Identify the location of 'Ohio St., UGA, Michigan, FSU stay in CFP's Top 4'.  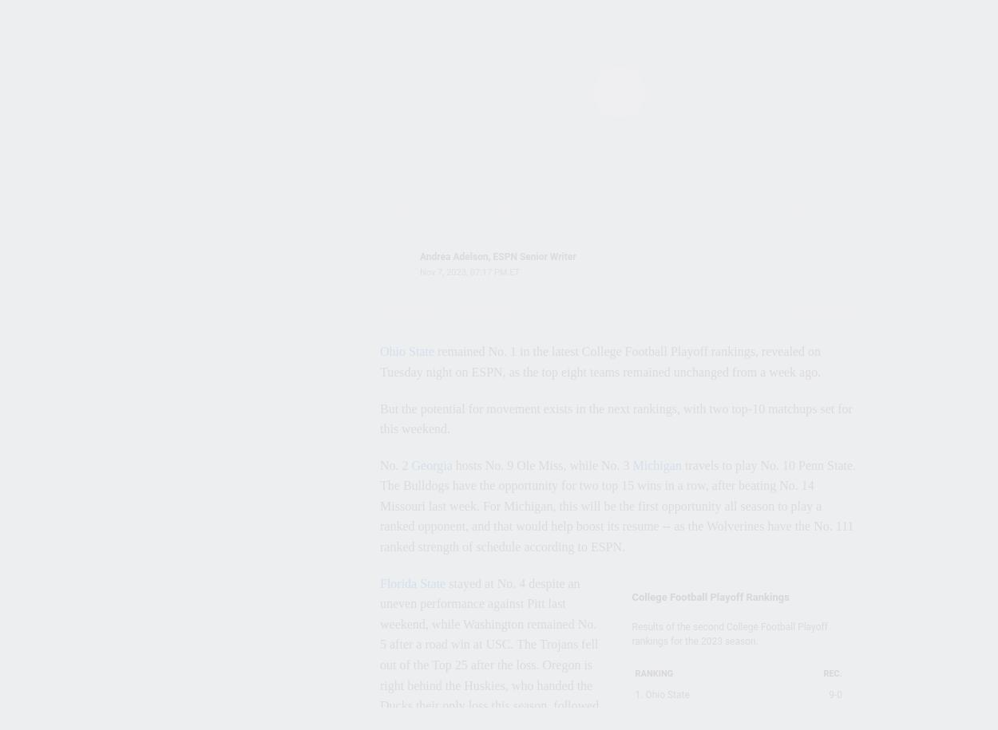
(224, 296).